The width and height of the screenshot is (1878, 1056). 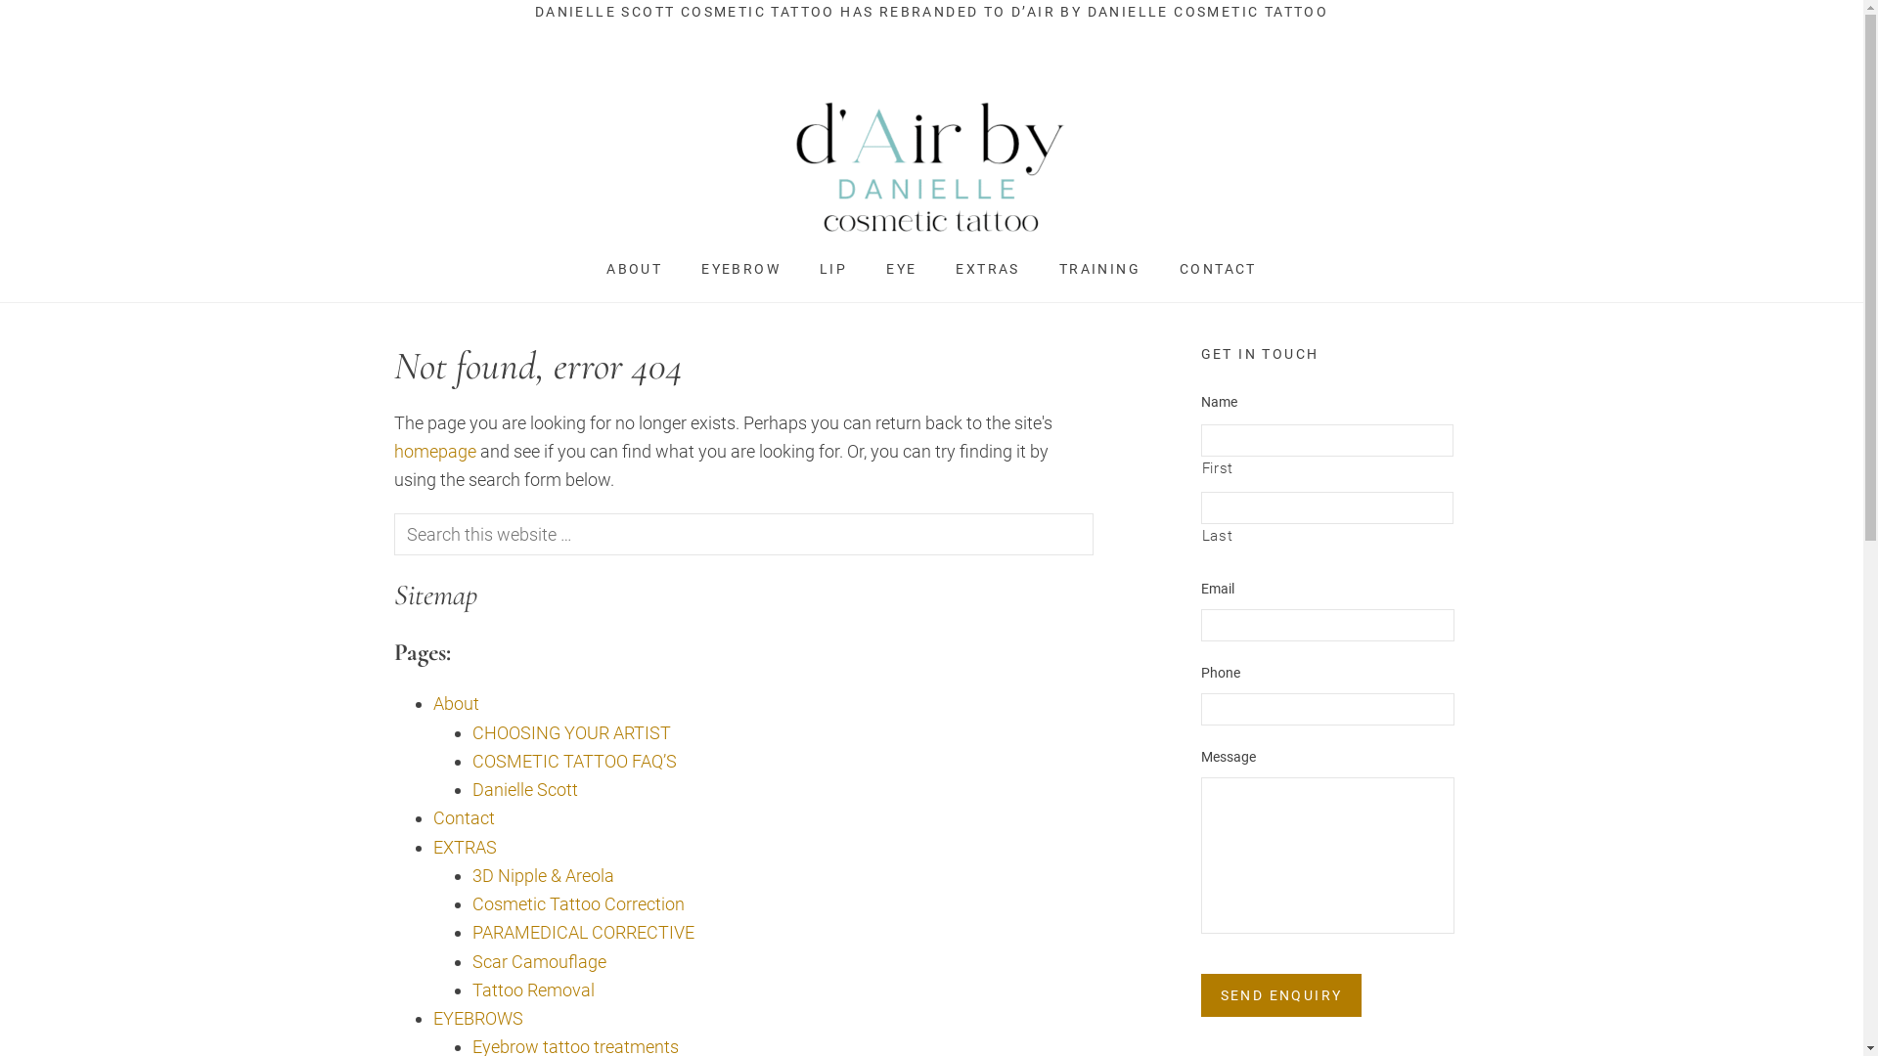 I want to click on 'CHOOSING YOUR ARTIST', so click(x=470, y=732).